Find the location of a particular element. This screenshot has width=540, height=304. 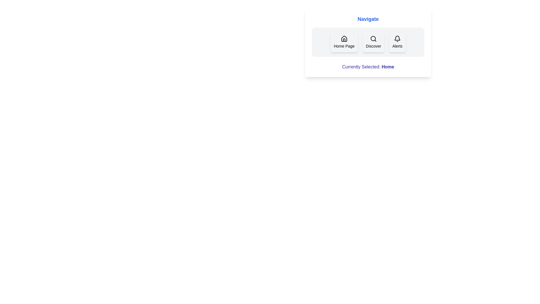

the 'Alerts' button, which is a light gray rectangular button with a black bell icon and is the third item in the horizontal navigation bar is located at coordinates (397, 42).